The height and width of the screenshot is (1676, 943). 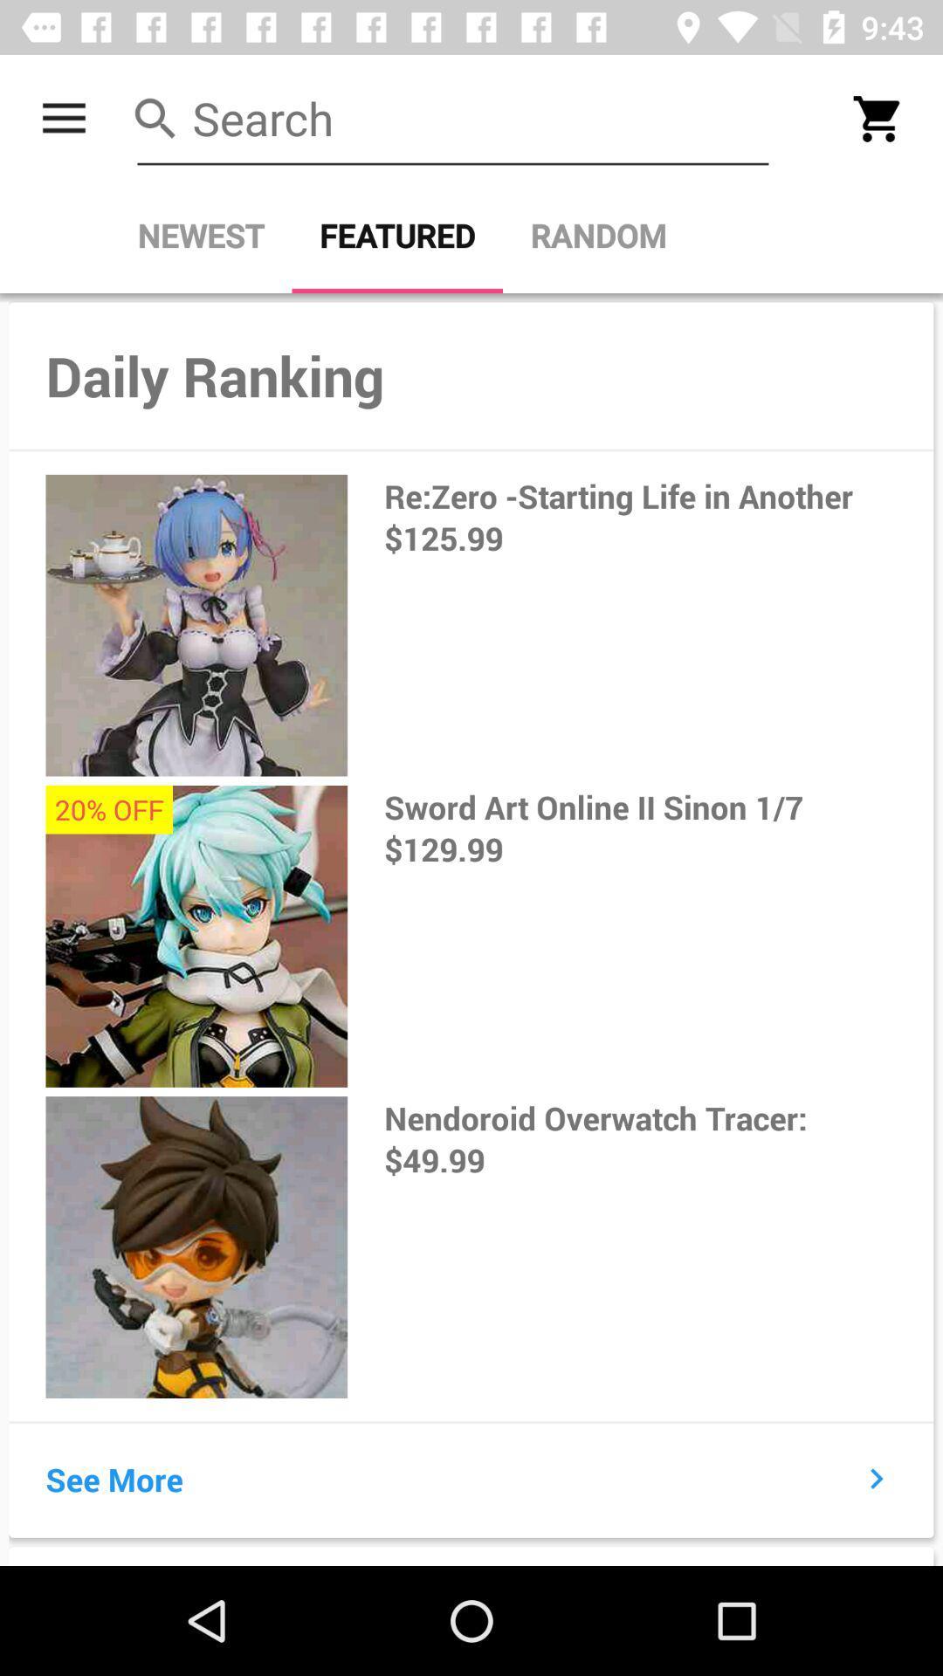 I want to click on search store, so click(x=452, y=118).